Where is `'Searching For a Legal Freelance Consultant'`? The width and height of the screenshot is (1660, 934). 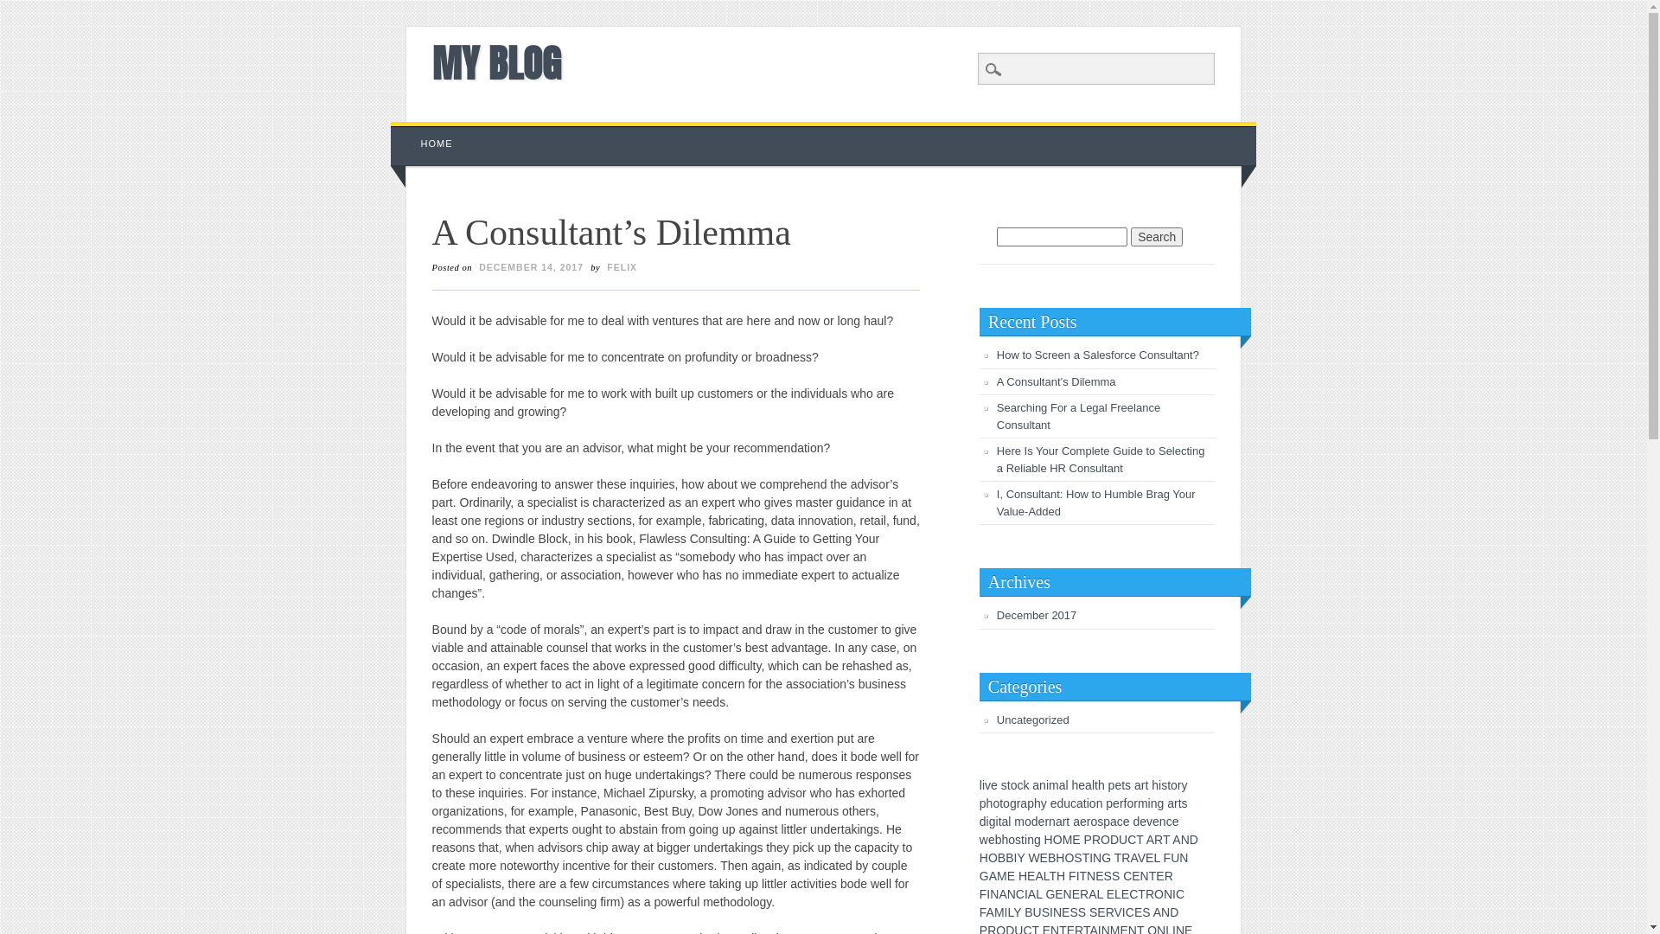
'Searching For a Legal Freelance Consultant' is located at coordinates (1077, 416).